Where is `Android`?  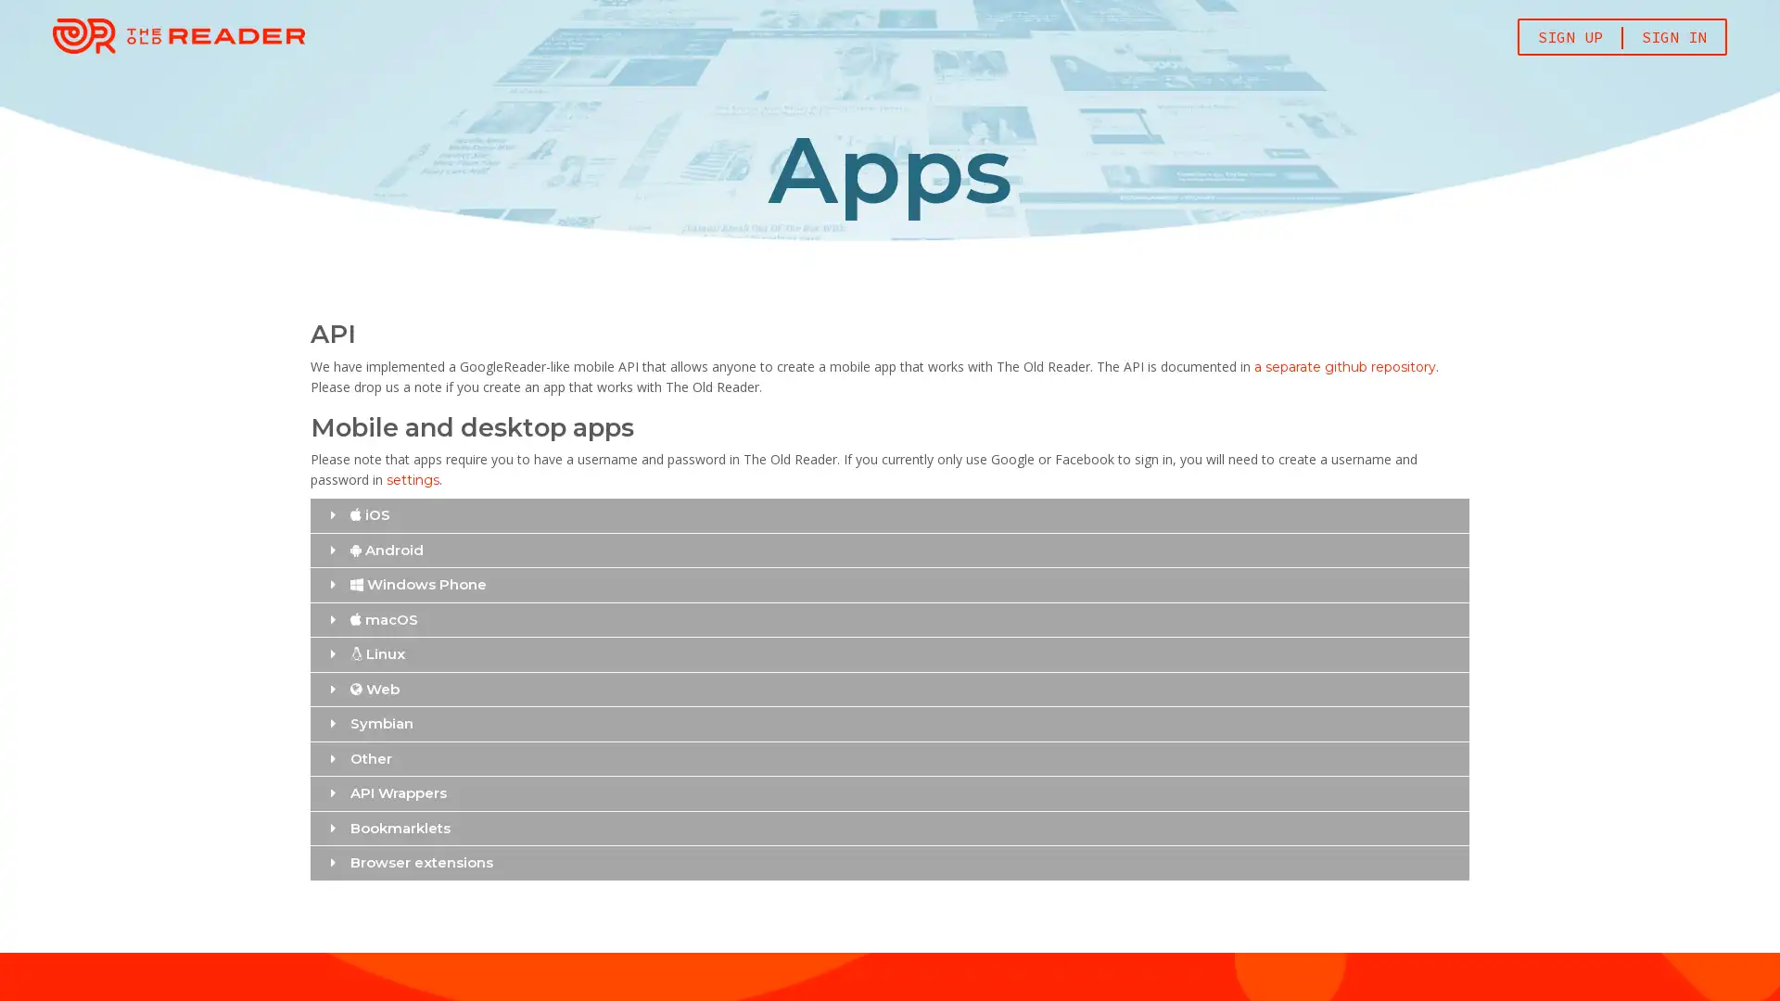 Android is located at coordinates (888, 549).